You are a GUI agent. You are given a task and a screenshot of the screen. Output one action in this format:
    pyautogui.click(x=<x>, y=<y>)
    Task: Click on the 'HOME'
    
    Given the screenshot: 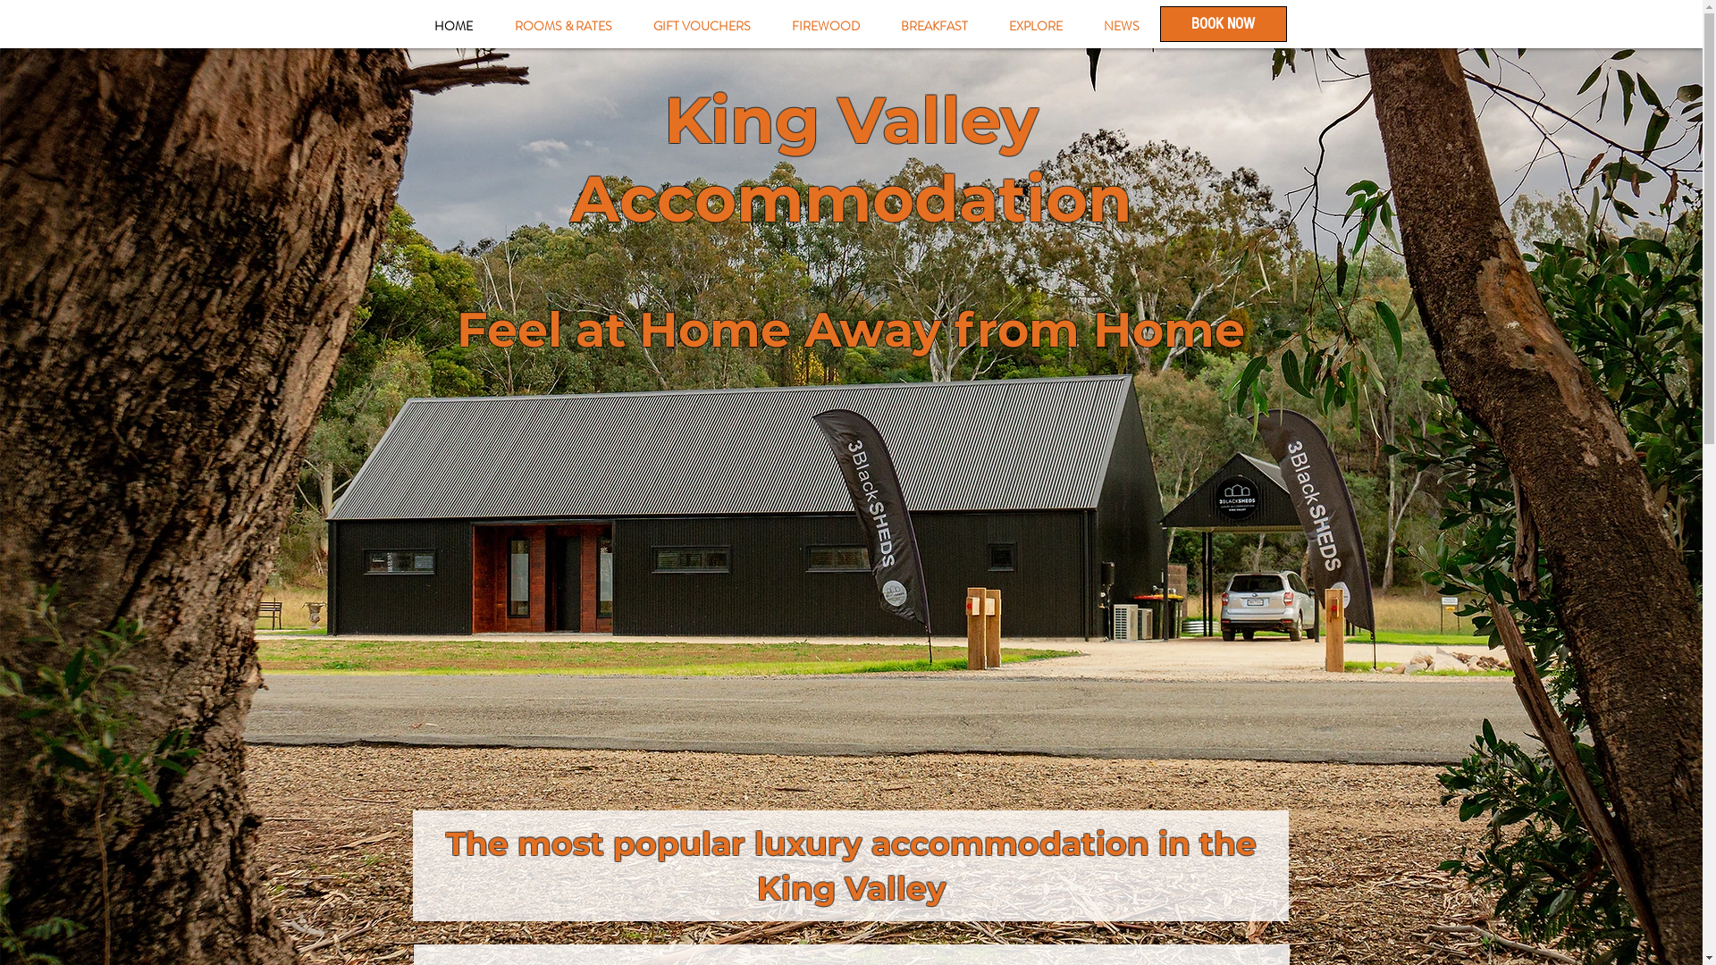 What is the action you would take?
    pyautogui.click(x=411, y=26)
    